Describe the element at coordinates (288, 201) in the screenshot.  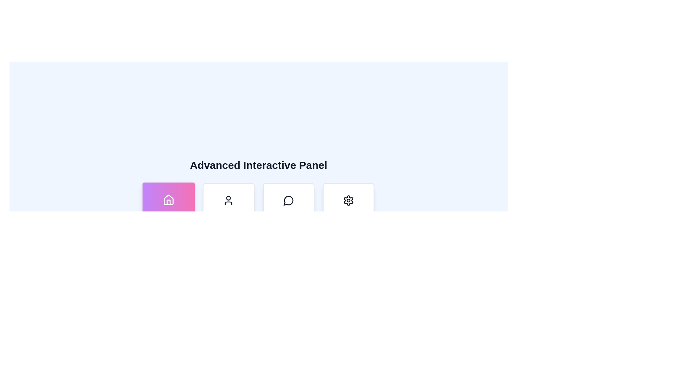
I see `the third icon from the left in the bottom bar, which is shaped like a speech bubble with a rounded outline and a tail` at that location.